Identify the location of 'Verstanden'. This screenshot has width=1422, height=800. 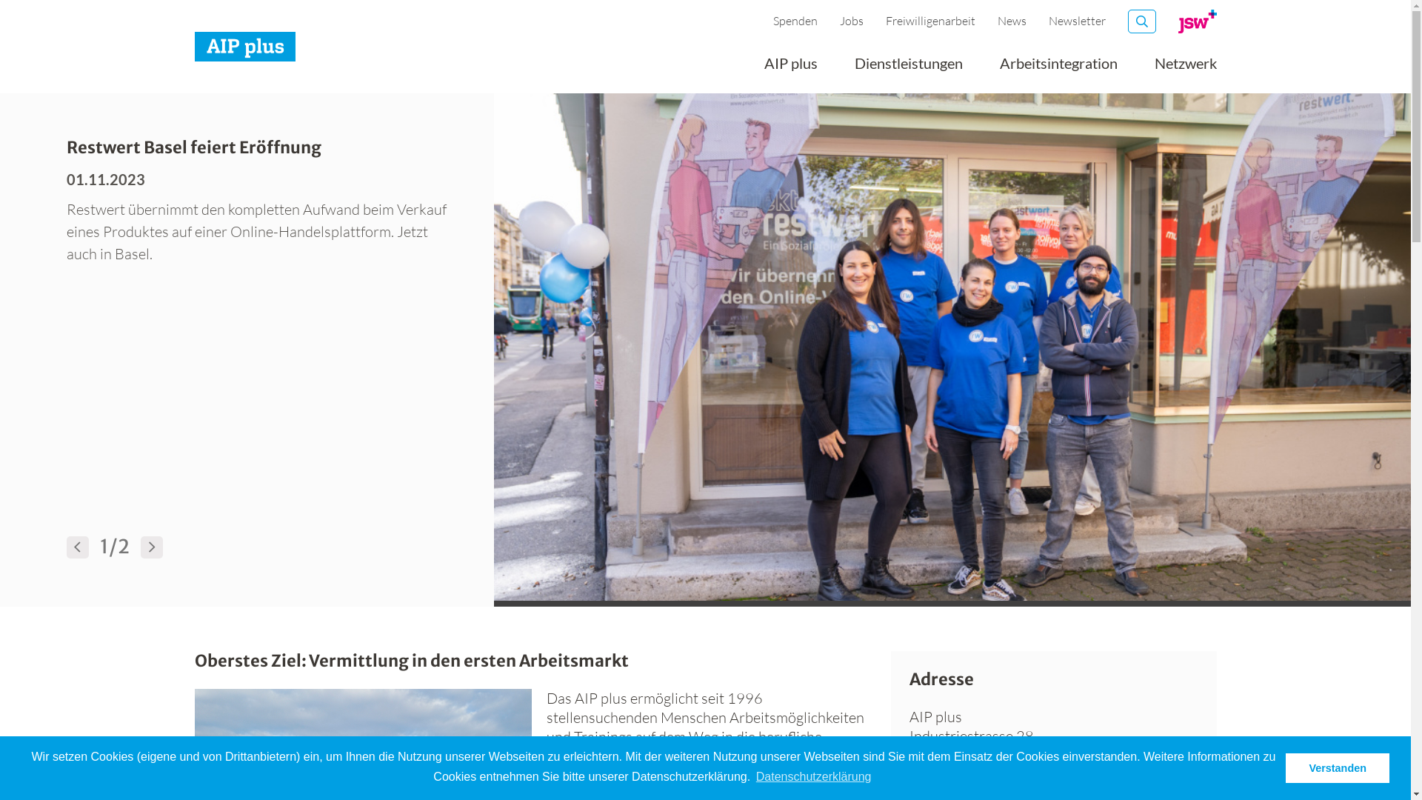
(1337, 767).